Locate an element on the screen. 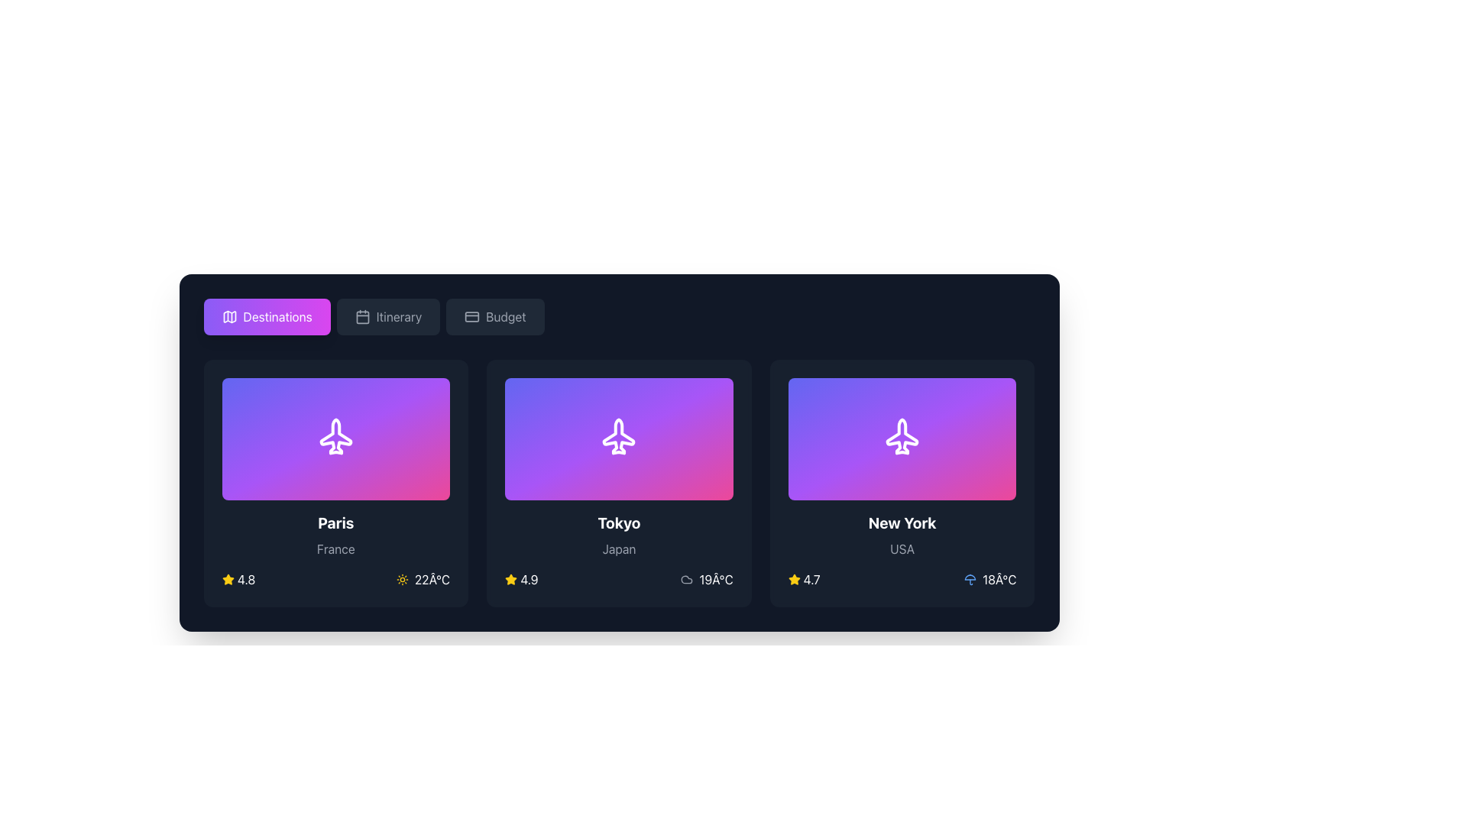  the temperature reading displayed is located at coordinates (423, 580).